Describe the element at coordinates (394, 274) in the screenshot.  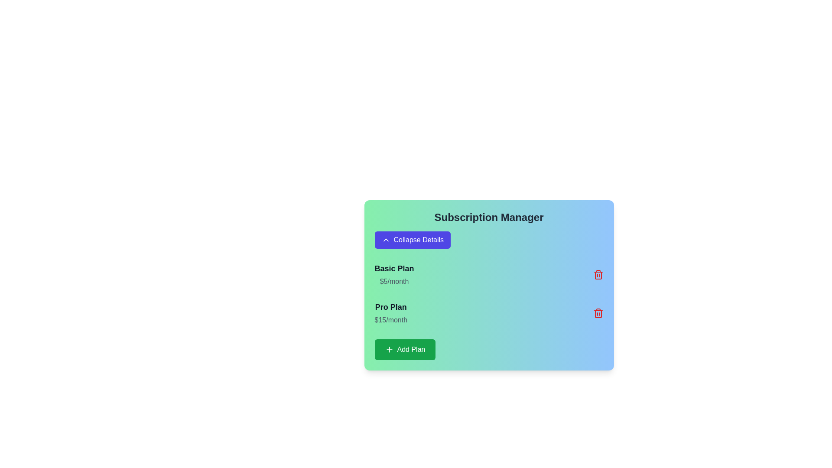
I see `the informative text area that displays the name and cost of the 'Basic Plan' subscription option, located directly below the 'Collapse Details' button` at that location.